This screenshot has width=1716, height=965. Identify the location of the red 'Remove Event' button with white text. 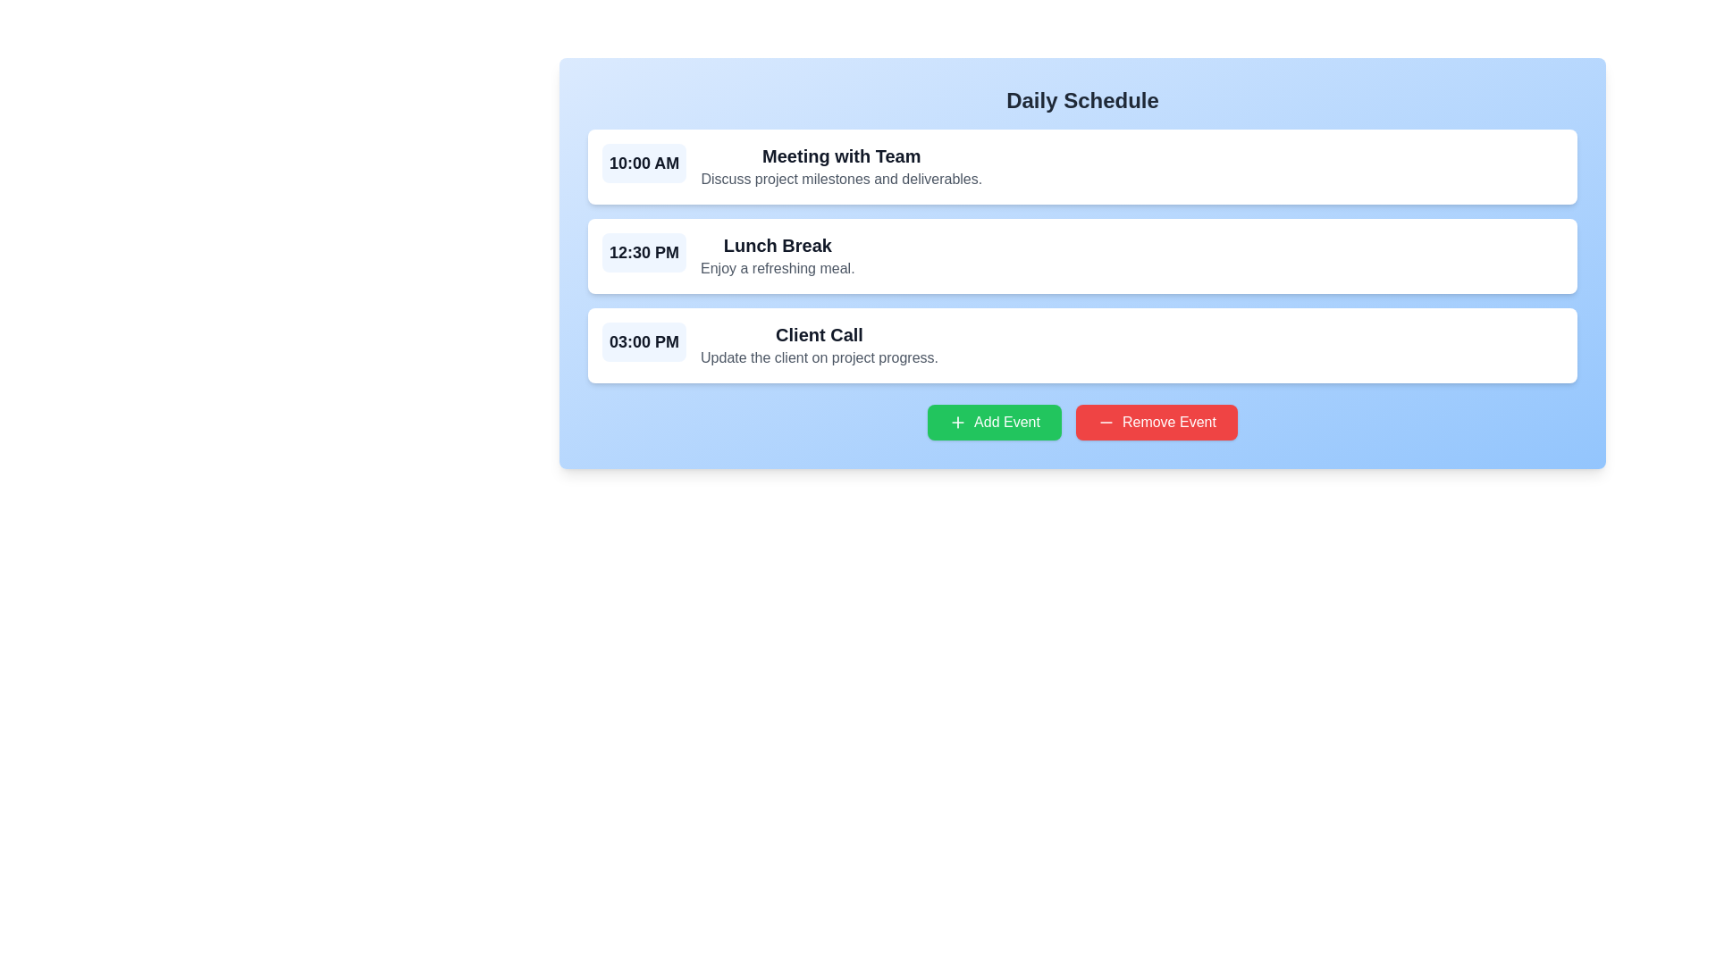
(1157, 423).